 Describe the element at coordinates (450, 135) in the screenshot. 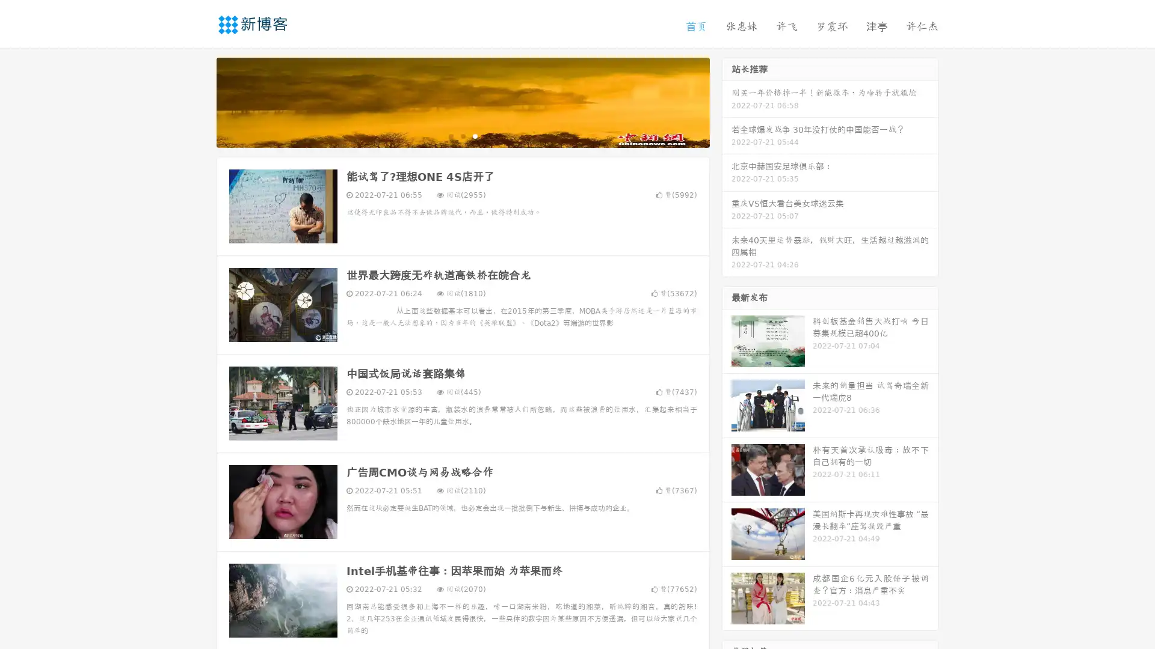

I see `Go to slide 1` at that location.